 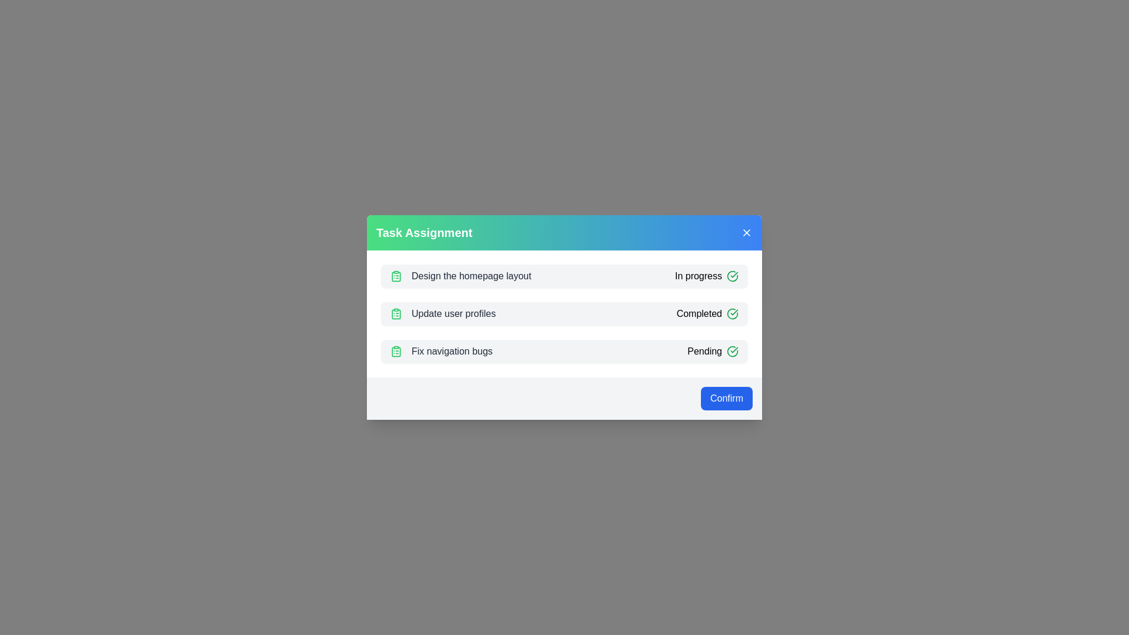 What do you see at coordinates (732, 350) in the screenshot?
I see `status icon indicating 'Pending' located to the right of the 'Pending' label in the third row of the task assignment table, aligned with the 'Fix navigation bugs' task title` at bounding box center [732, 350].